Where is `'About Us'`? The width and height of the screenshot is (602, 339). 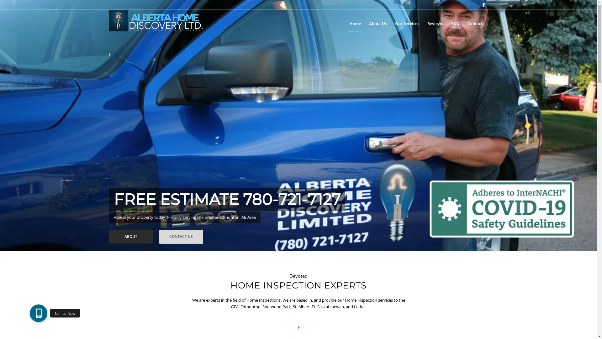
'About Us' is located at coordinates (378, 23).